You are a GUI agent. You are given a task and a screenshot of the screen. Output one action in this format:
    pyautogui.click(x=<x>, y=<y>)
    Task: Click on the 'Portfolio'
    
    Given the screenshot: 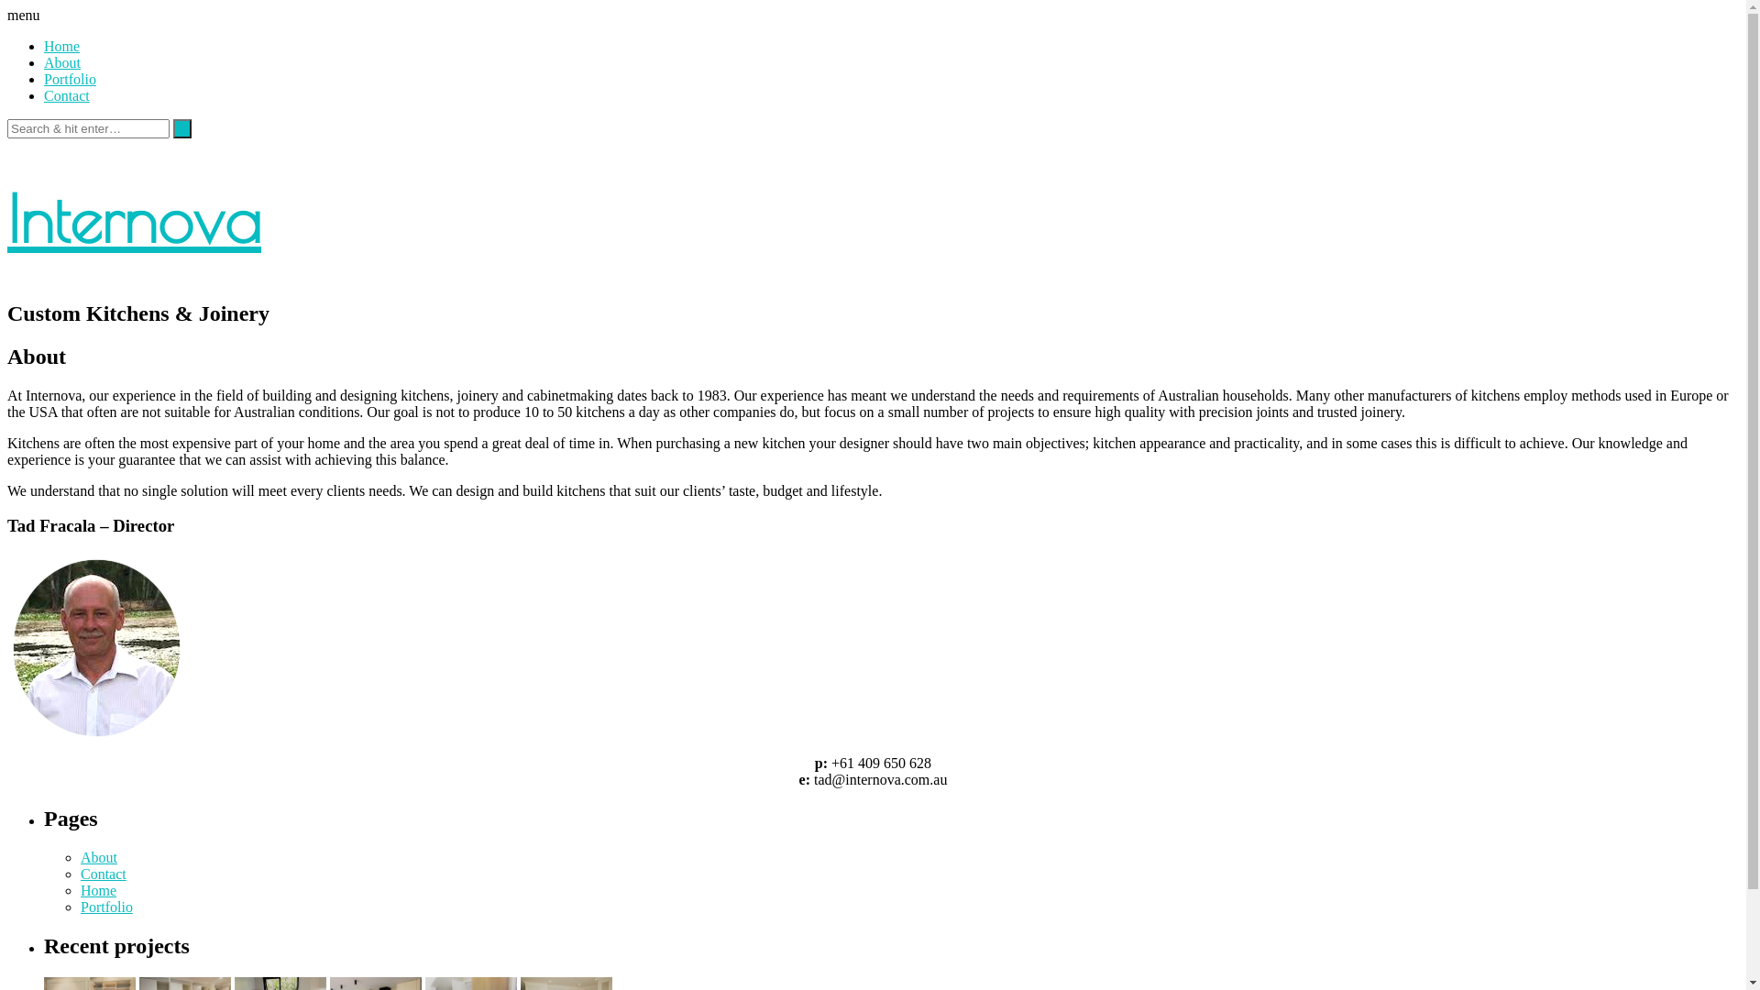 What is the action you would take?
    pyautogui.click(x=70, y=78)
    